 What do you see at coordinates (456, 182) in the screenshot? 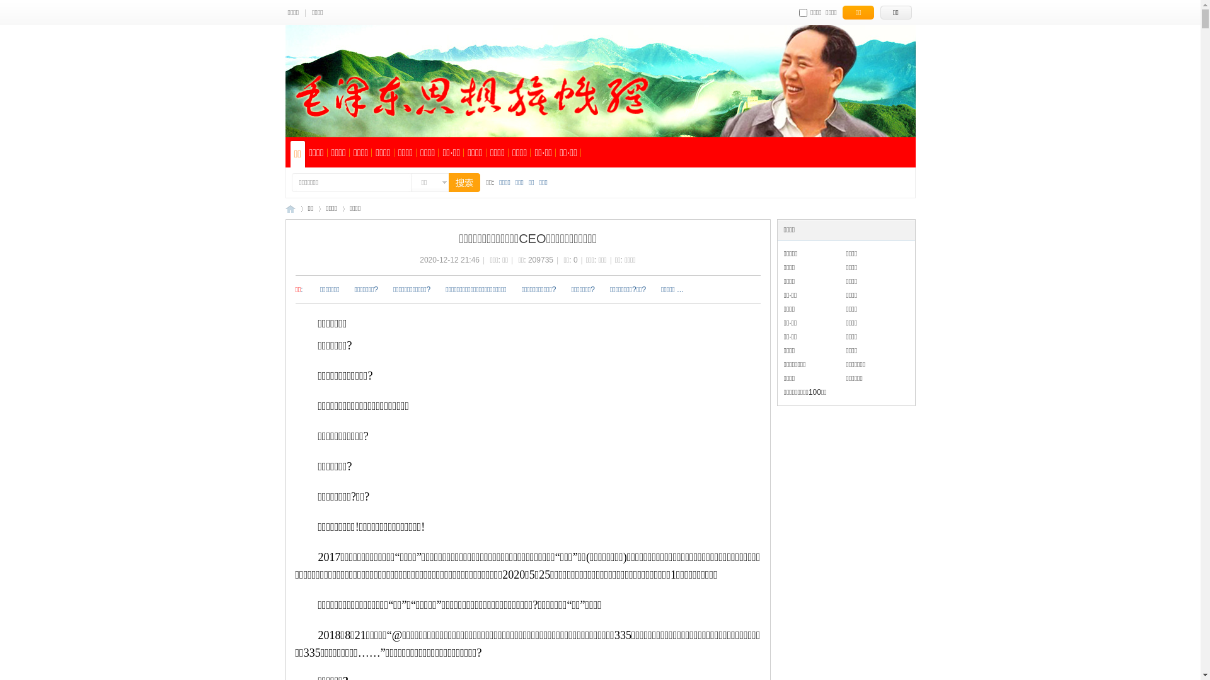
I see `'true'` at bounding box center [456, 182].